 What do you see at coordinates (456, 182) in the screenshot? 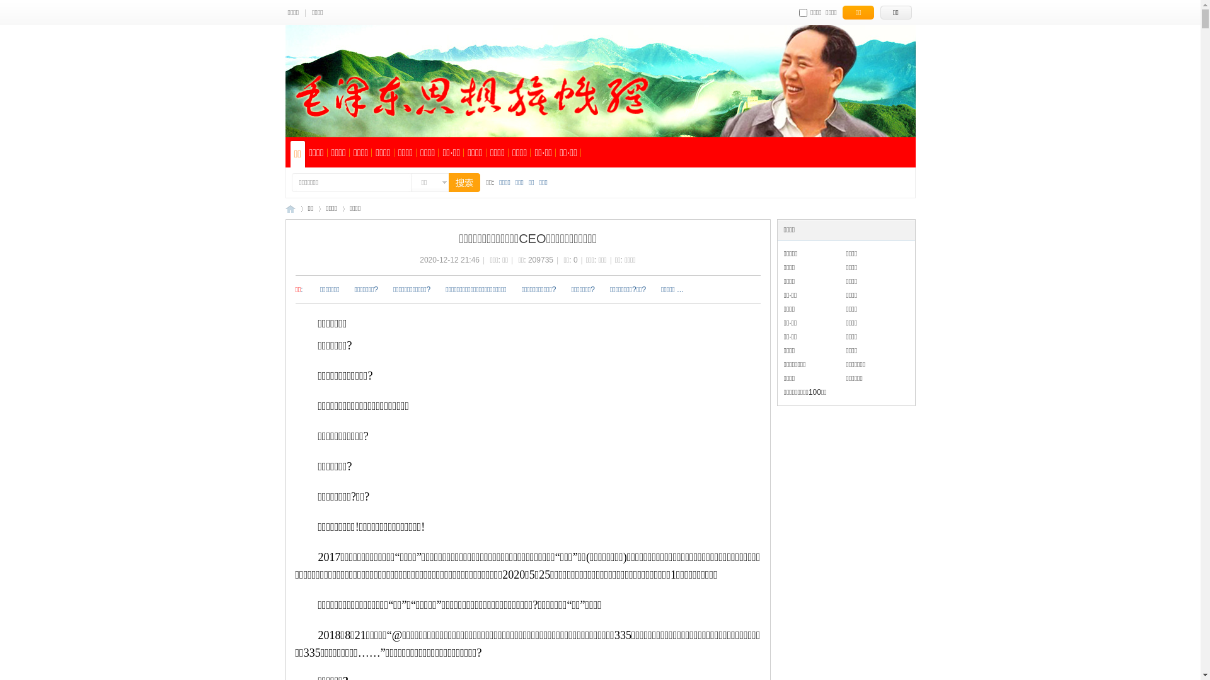
I see `'true'` at bounding box center [456, 182].